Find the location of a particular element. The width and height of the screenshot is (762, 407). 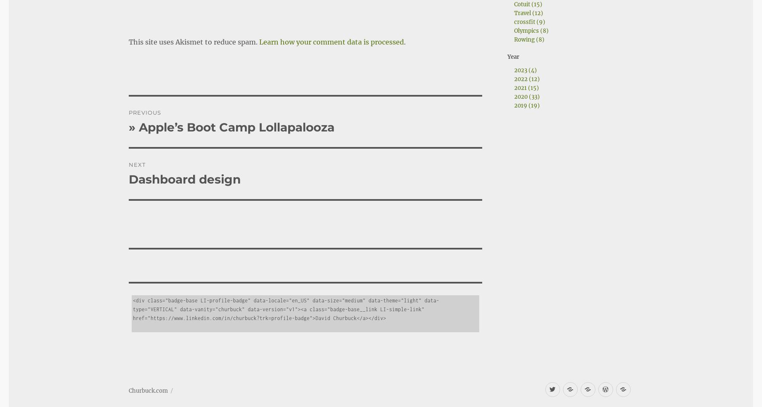

'crossfit (9)' is located at coordinates (529, 21).